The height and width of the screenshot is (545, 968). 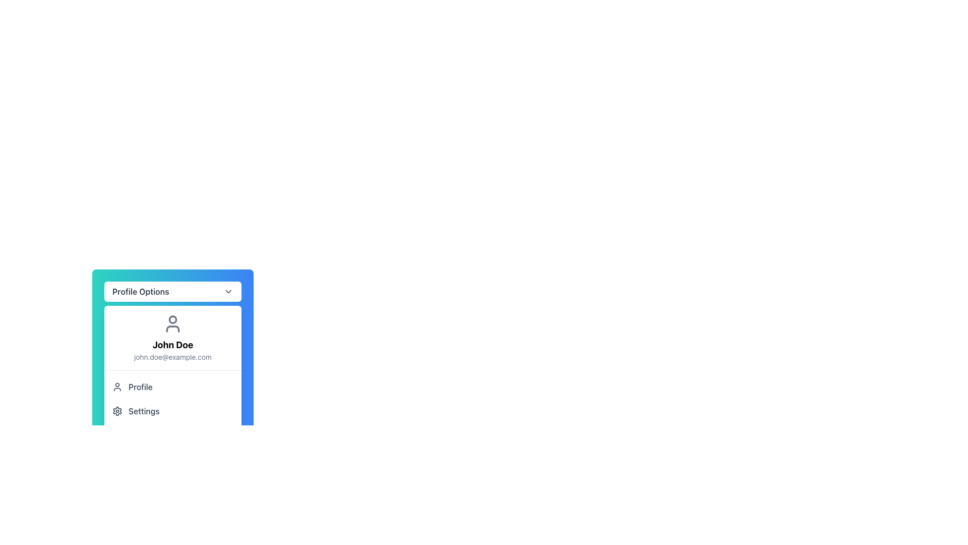 I want to click on the lower part of the user icon, which is styled as a vector graphic in the Lucide icon style, positioned centrally in the user profile section of the dropdown menu, so click(x=172, y=329).